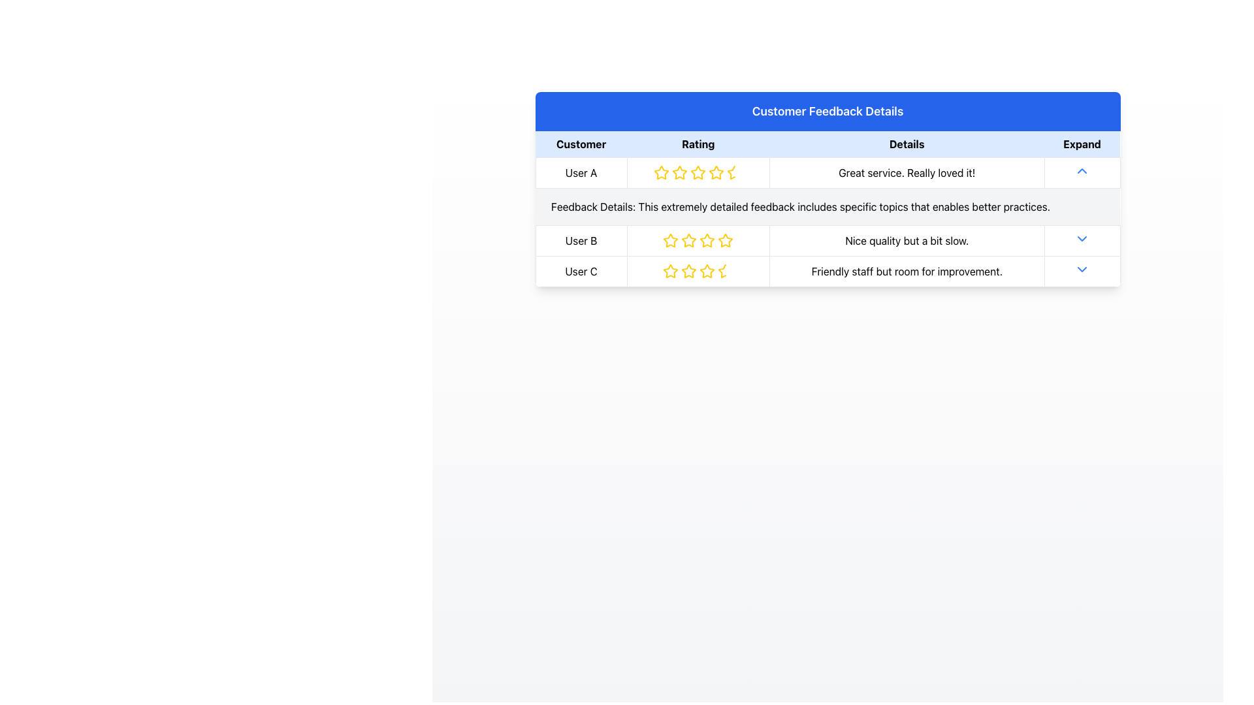 The image size is (1254, 705). Describe the element at coordinates (688, 270) in the screenshot. I see `the fourth yellow star icon in the rating column for User C to adjust the rating` at that location.